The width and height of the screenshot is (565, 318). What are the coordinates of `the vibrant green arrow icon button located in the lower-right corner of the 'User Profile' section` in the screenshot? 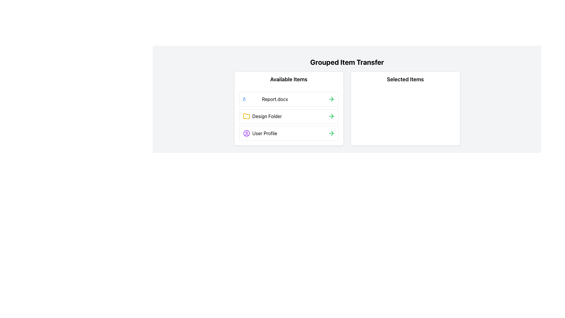 It's located at (331, 133).